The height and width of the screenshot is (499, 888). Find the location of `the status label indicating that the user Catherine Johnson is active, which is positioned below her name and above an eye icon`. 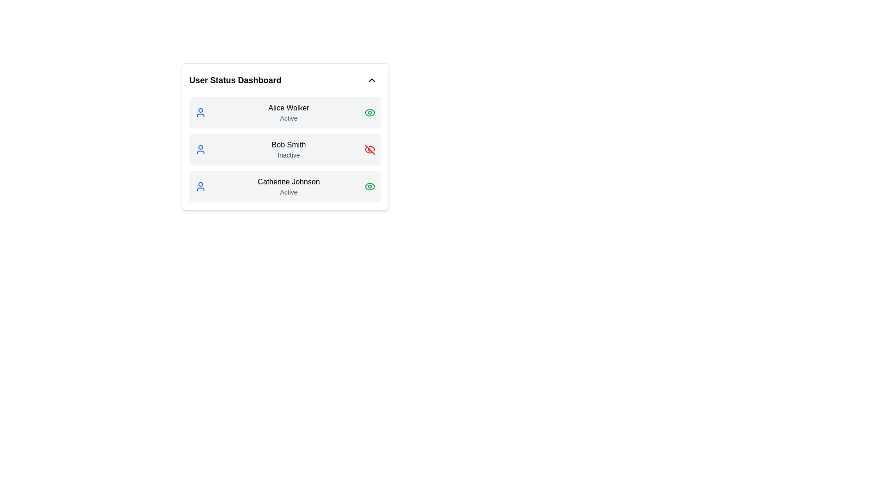

the status label indicating that the user Catherine Johnson is active, which is positioned below her name and above an eye icon is located at coordinates (288, 192).